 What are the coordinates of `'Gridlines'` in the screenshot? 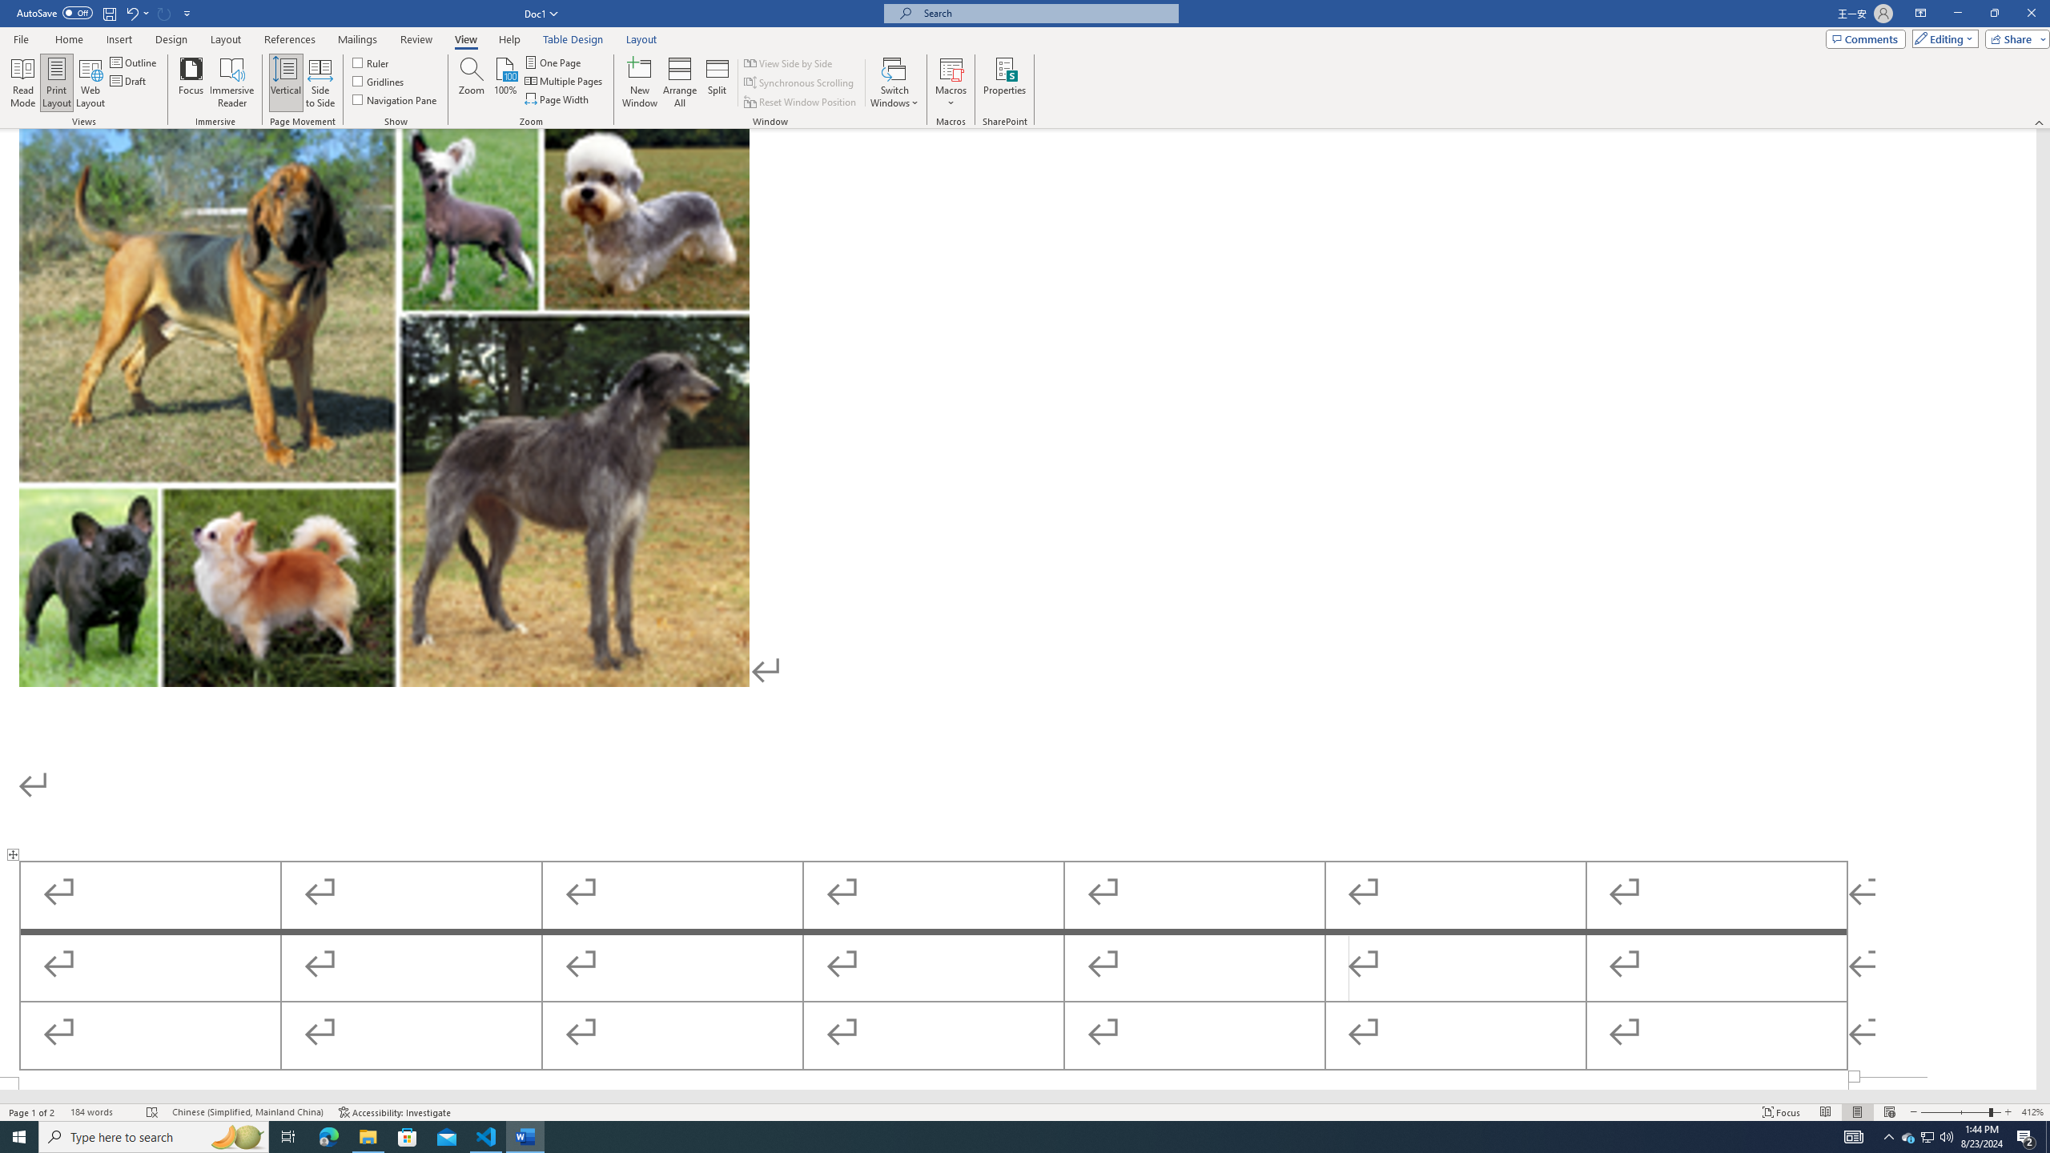 It's located at (379, 79).